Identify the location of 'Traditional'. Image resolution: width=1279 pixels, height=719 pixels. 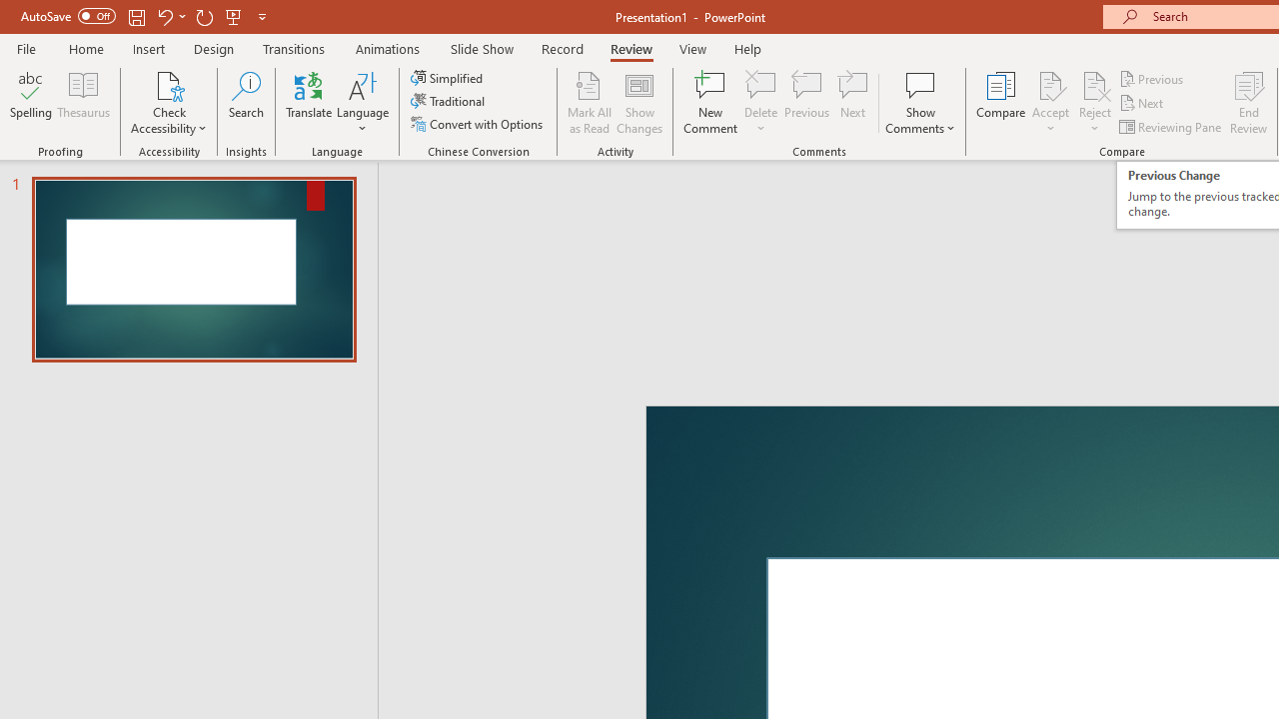
(448, 101).